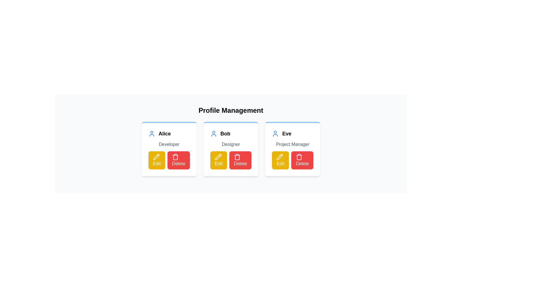 The width and height of the screenshot is (545, 306). I want to click on the text label displaying the name 'Eve' in bold font, so click(287, 133).